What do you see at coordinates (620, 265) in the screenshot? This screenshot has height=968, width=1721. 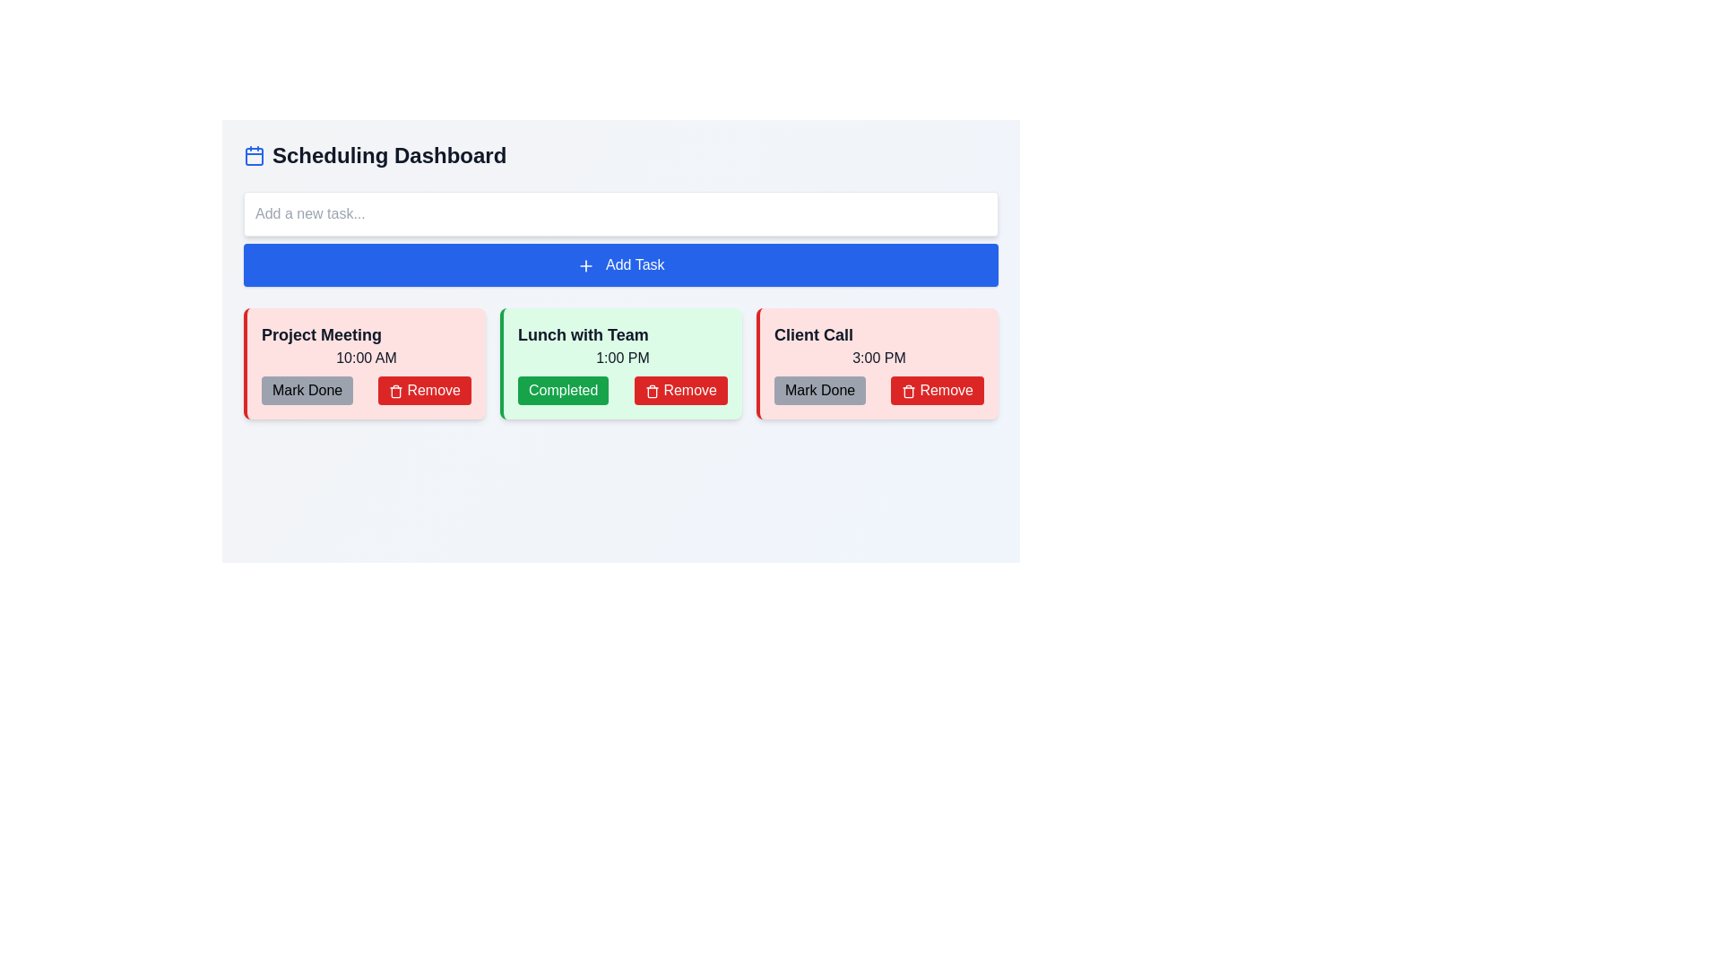 I see `the rectangular blue button with rounded edges labeled 'Add Task'` at bounding box center [620, 265].